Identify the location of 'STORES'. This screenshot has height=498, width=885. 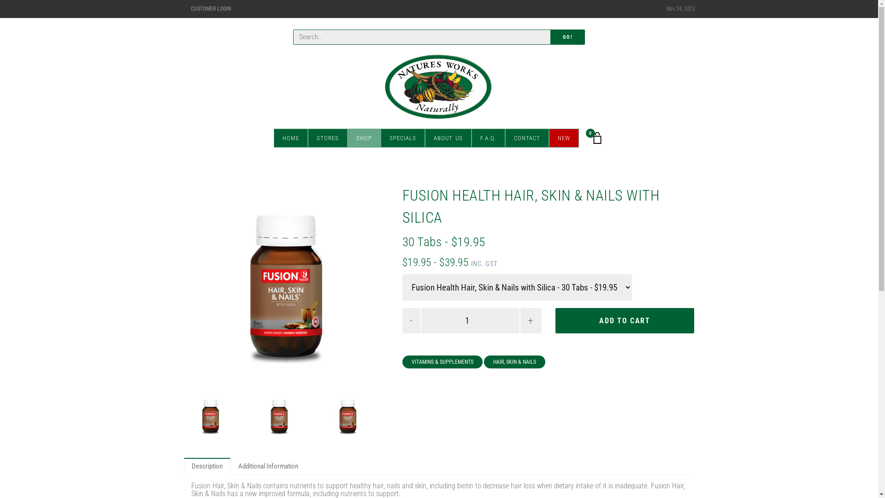
(307, 137).